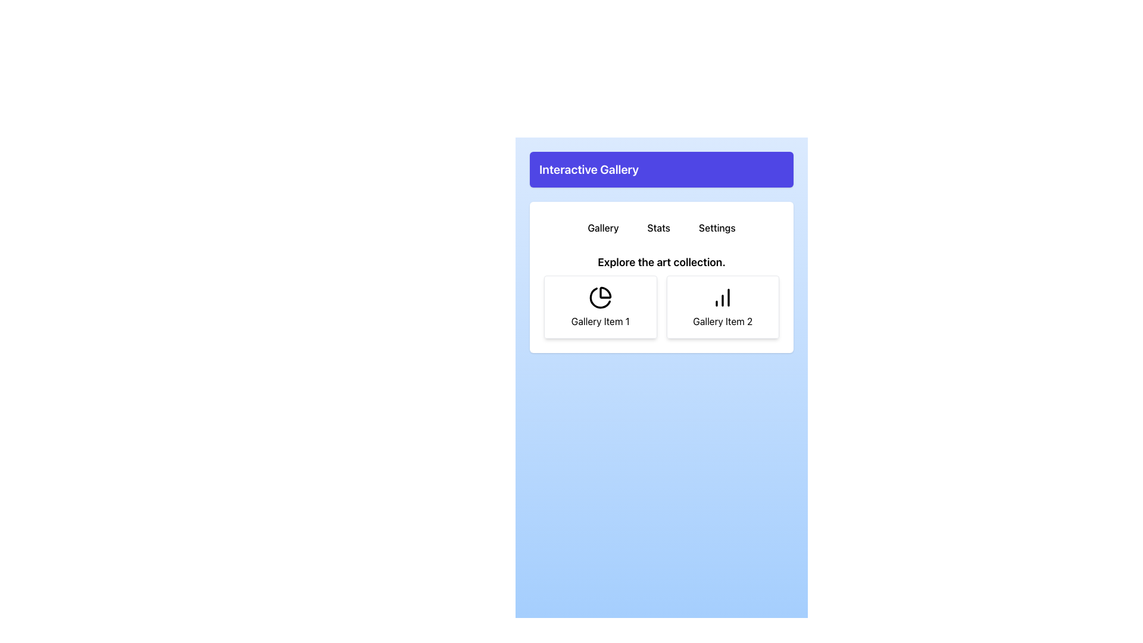  What do you see at coordinates (661, 261) in the screenshot?
I see `the static text element that displays 'Explore the art collection.' positioned above the gallery items` at bounding box center [661, 261].